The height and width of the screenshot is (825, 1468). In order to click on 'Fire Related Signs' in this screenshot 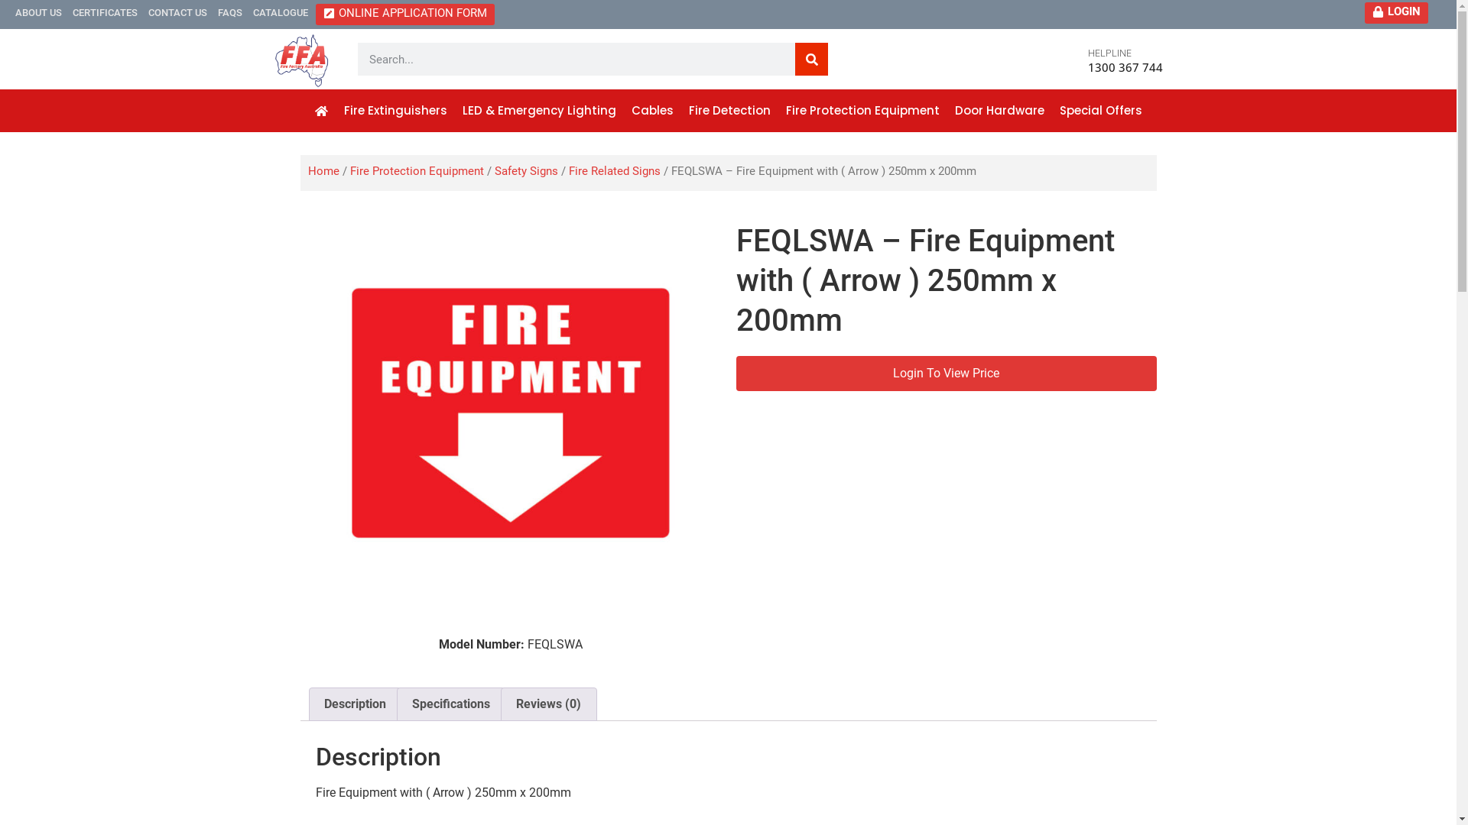, I will do `click(568, 170)`.